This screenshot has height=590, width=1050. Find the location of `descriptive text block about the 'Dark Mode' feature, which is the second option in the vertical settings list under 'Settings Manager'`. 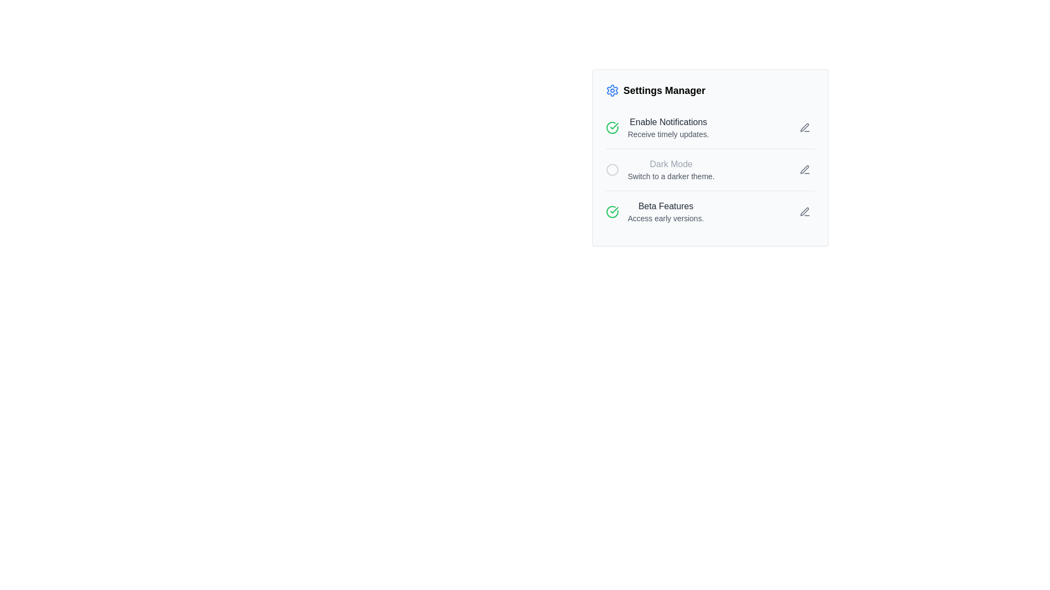

descriptive text block about the 'Dark Mode' feature, which is the second option in the vertical settings list under 'Settings Manager' is located at coordinates (670, 170).